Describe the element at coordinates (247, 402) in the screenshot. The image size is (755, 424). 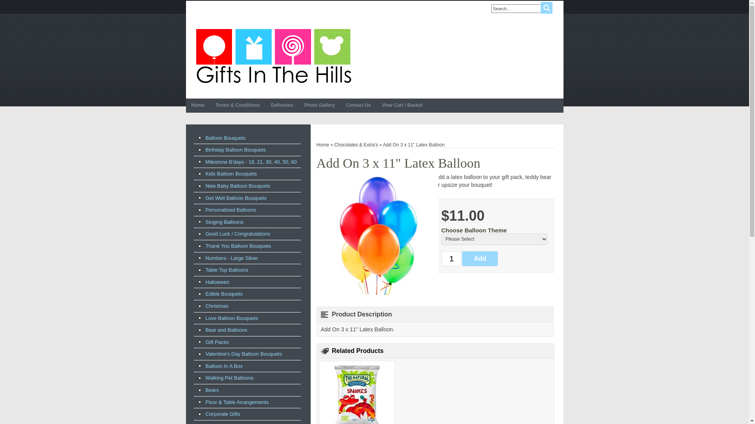
I see `'Floor & Table Arrangements'` at that location.